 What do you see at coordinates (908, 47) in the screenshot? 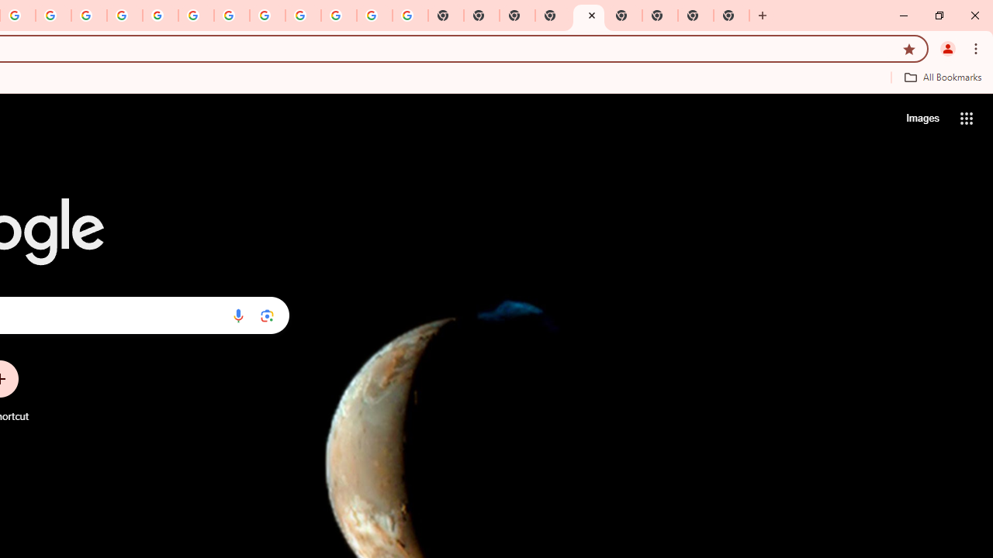
I see `'Bookmark this tab'` at bounding box center [908, 47].